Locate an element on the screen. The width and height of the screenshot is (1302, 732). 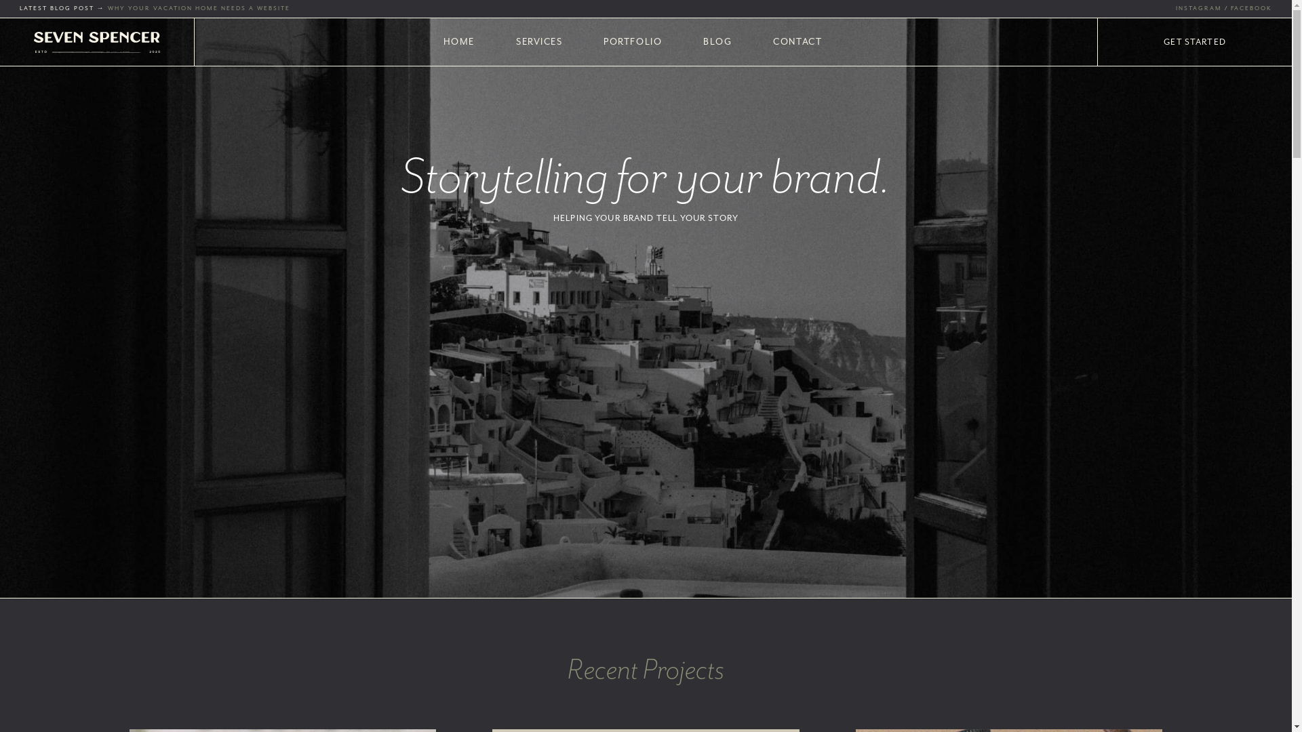
'INSTAGRAM' is located at coordinates (1198, 8).